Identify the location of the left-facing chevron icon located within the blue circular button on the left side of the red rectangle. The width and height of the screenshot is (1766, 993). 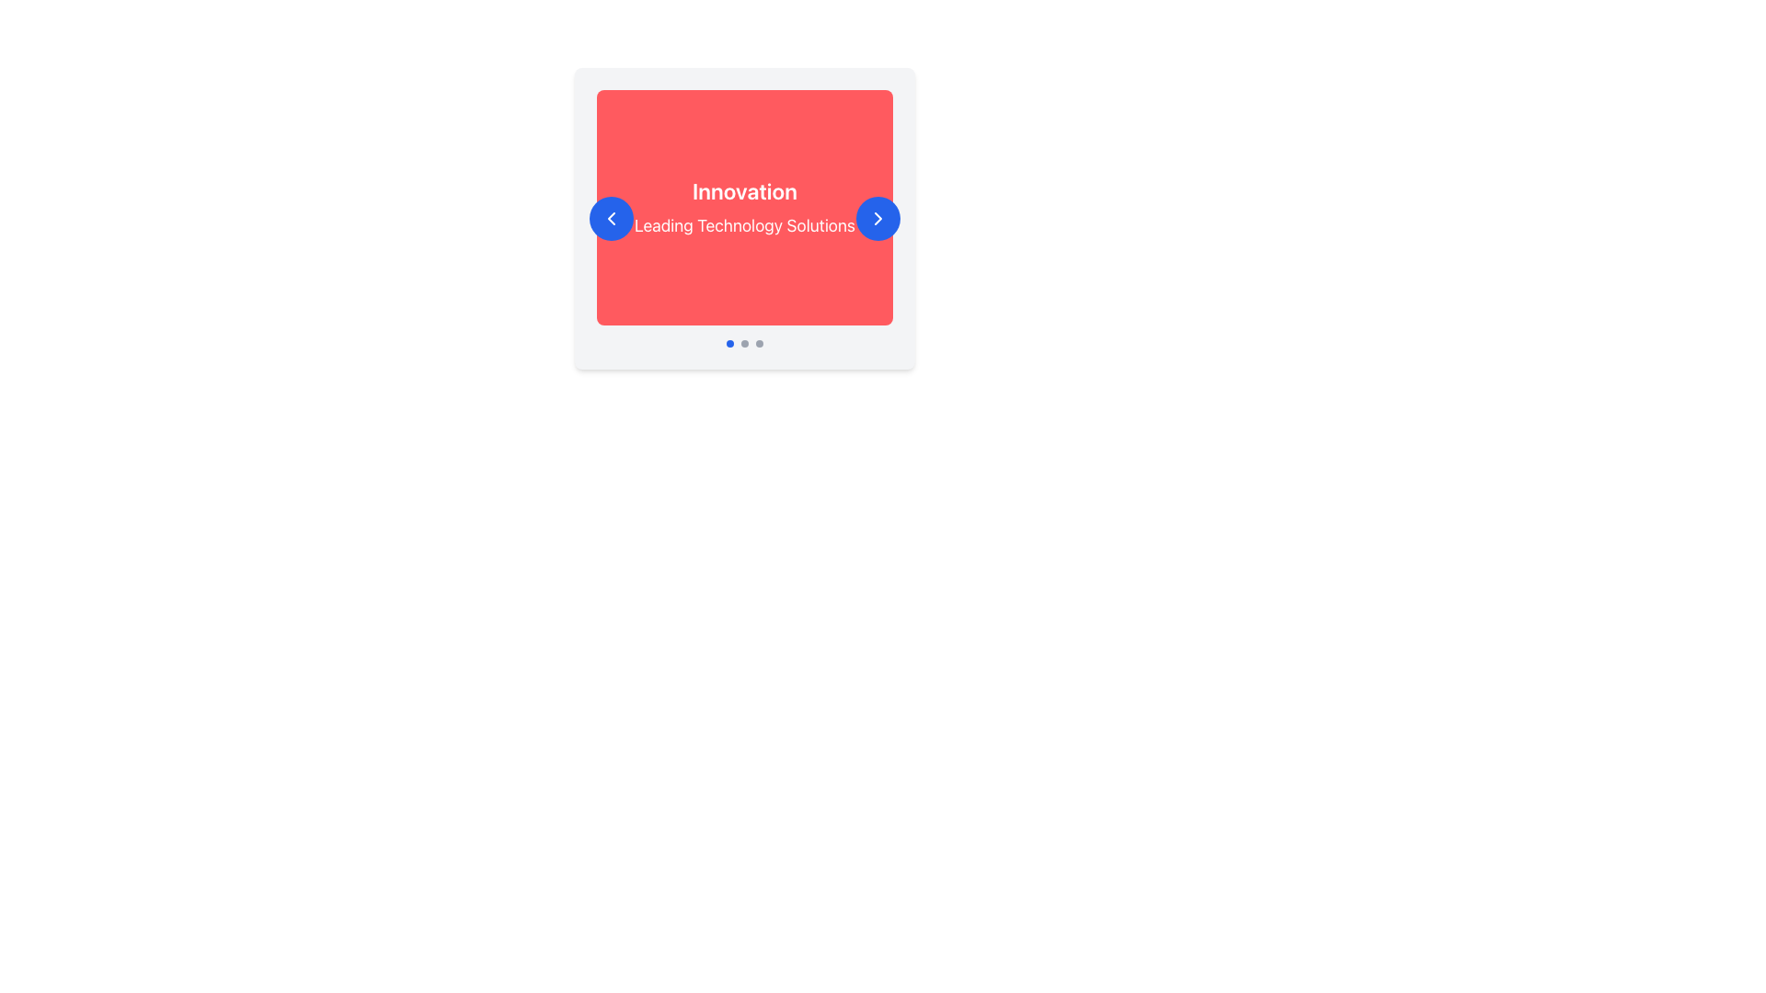
(612, 218).